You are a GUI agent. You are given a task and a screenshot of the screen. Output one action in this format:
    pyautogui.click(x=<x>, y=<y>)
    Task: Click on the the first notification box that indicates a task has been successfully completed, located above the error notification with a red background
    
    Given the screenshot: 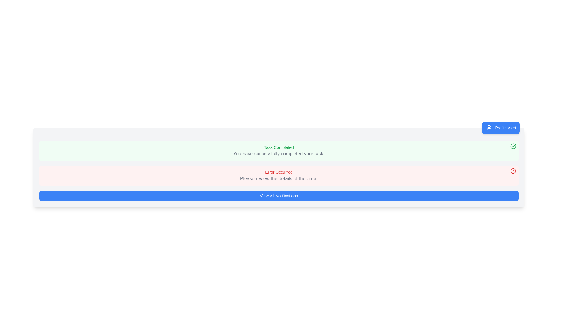 What is the action you would take?
    pyautogui.click(x=278, y=150)
    